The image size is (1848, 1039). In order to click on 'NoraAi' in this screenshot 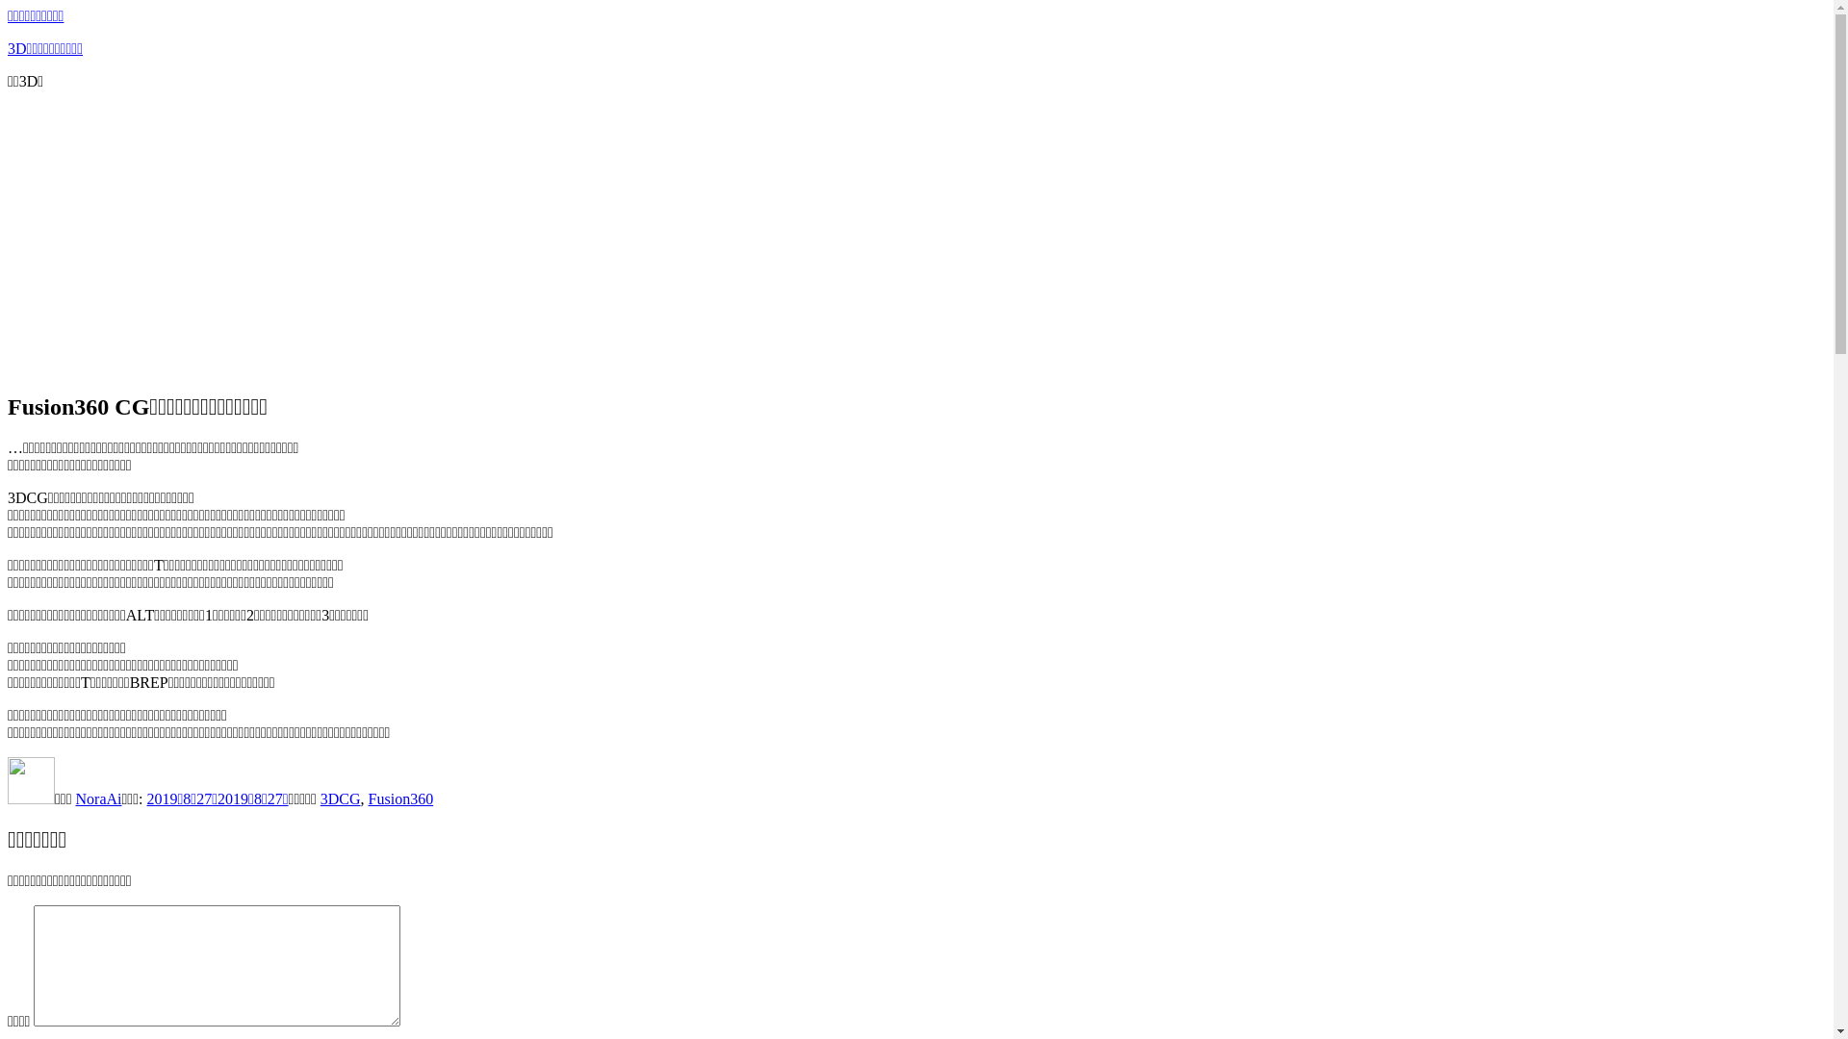, I will do `click(97, 798)`.